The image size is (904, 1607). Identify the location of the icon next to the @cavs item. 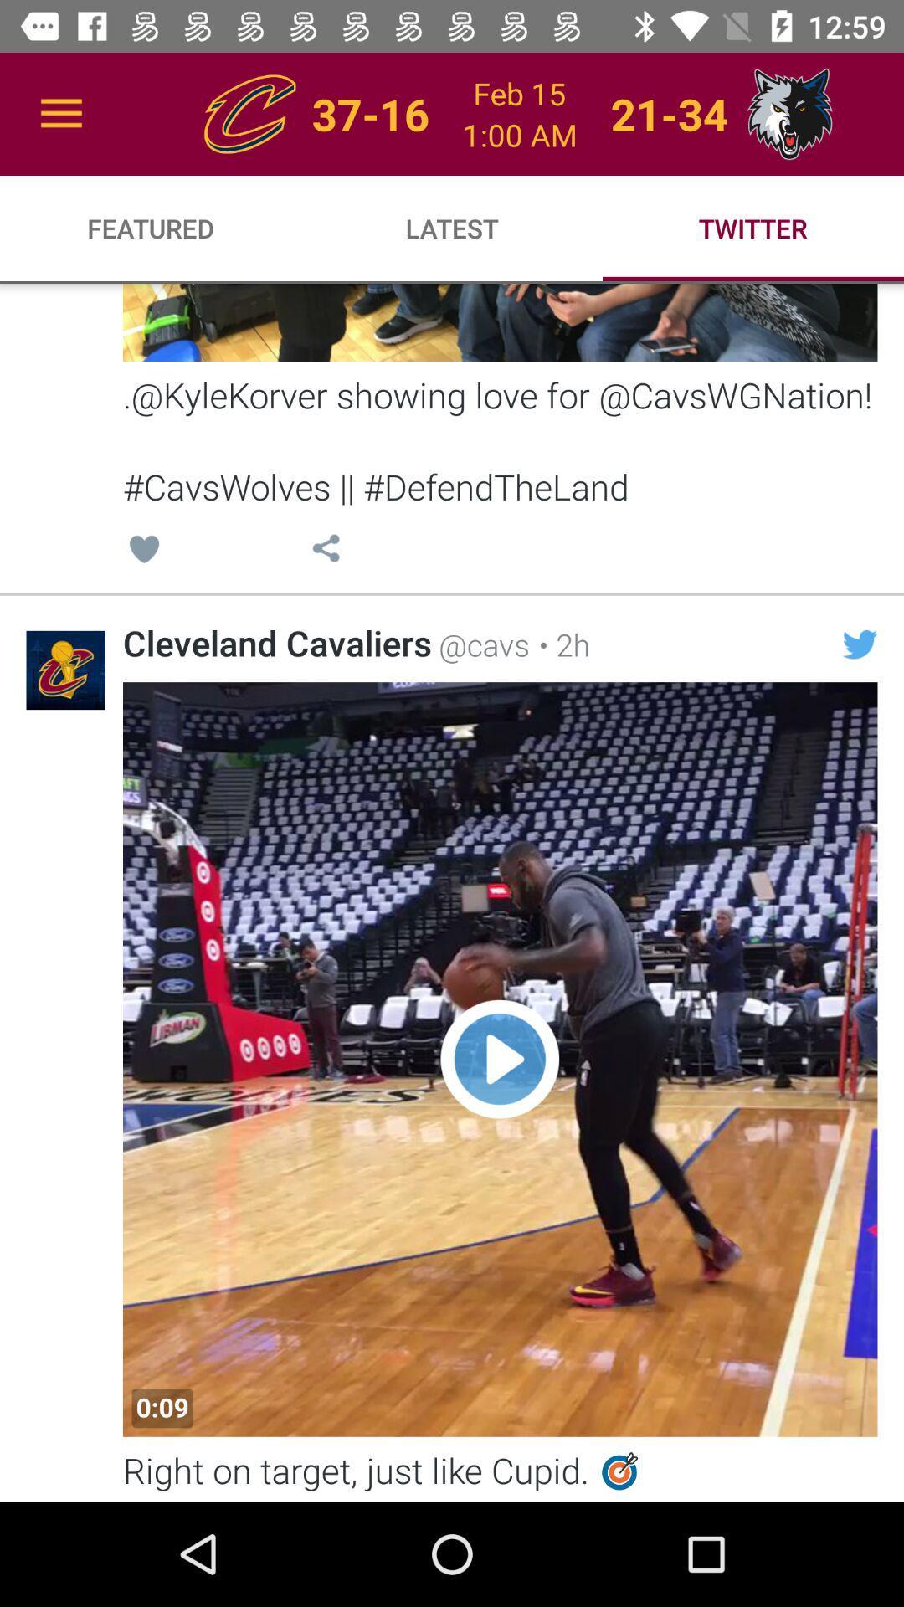
(559, 644).